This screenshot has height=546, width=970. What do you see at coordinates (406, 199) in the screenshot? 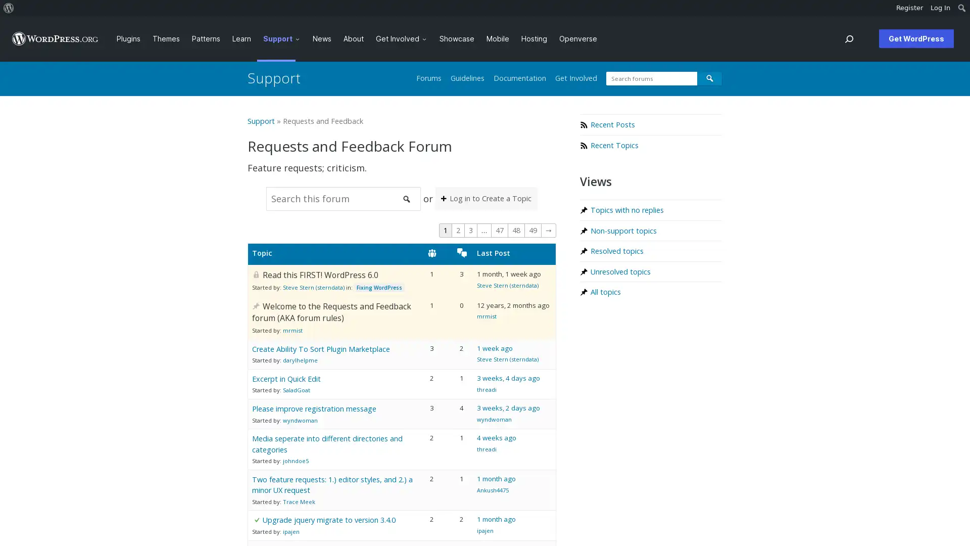
I see `Search forums` at bounding box center [406, 199].